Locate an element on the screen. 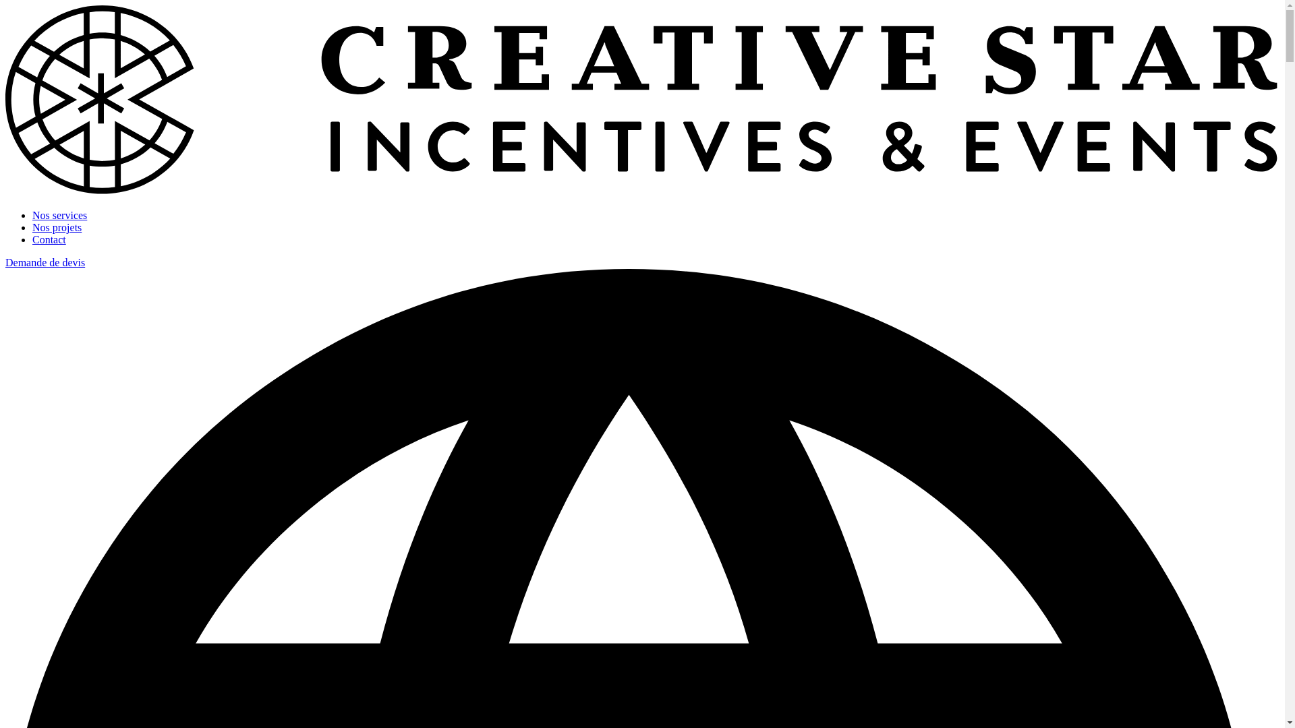 Image resolution: width=1295 pixels, height=728 pixels. 'Contact' is located at coordinates (49, 239).